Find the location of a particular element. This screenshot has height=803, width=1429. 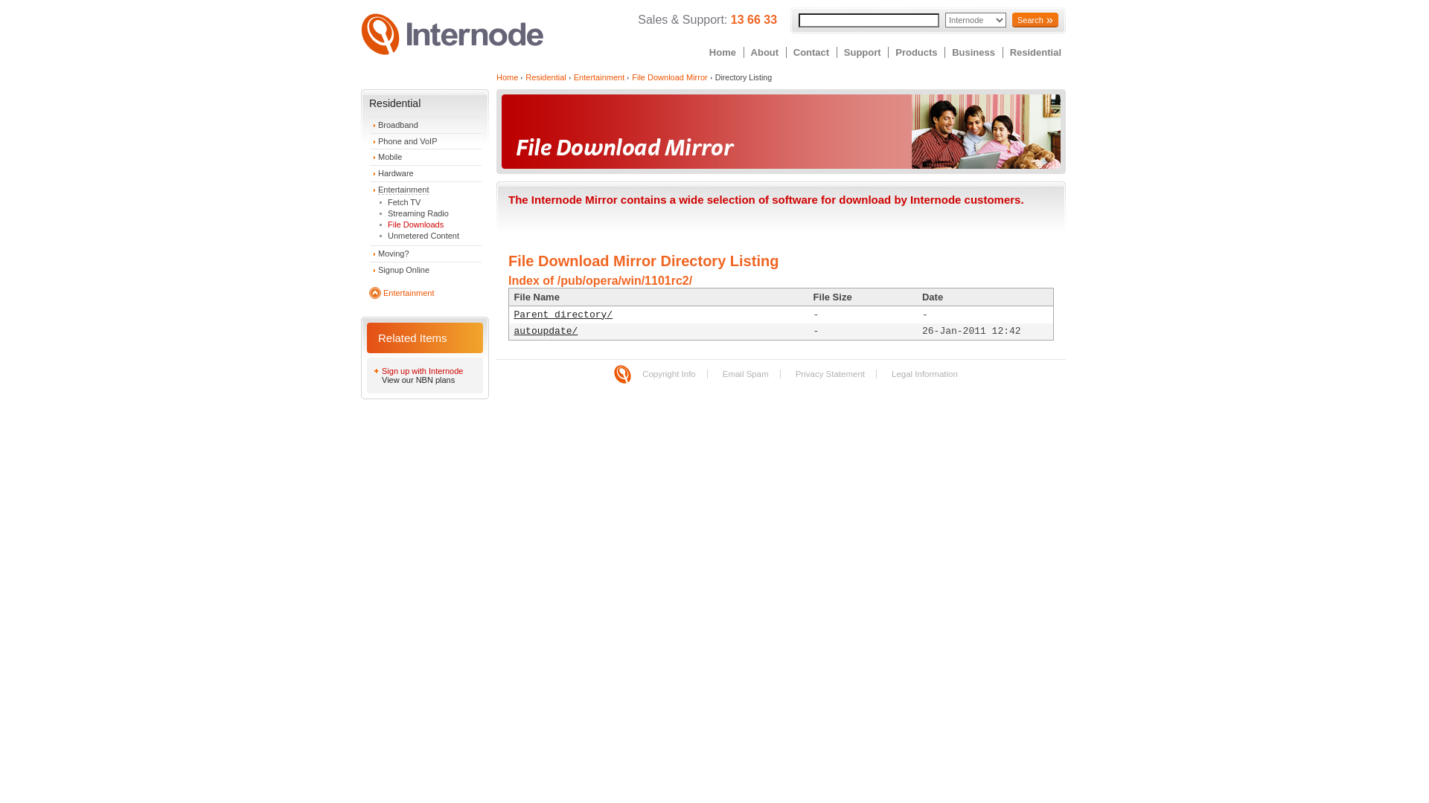

'Moving?' is located at coordinates (393, 252).